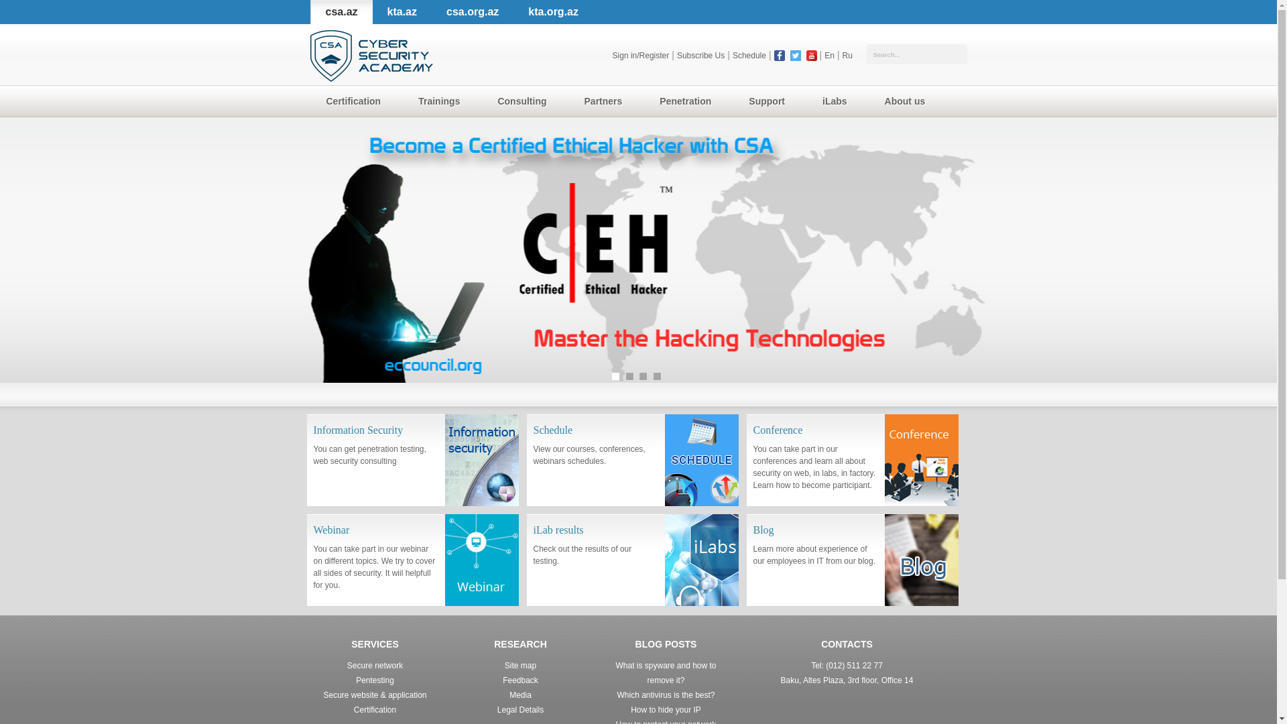  What do you see at coordinates (908, 101) in the screenshot?
I see `'About us'` at bounding box center [908, 101].